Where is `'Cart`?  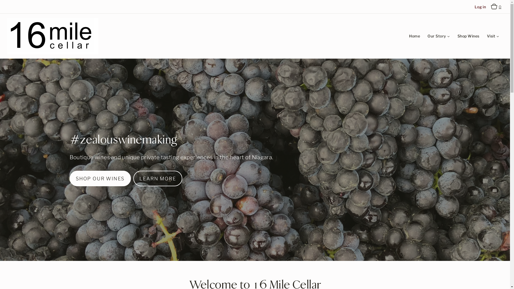 'Cart is located at coordinates (496, 6).